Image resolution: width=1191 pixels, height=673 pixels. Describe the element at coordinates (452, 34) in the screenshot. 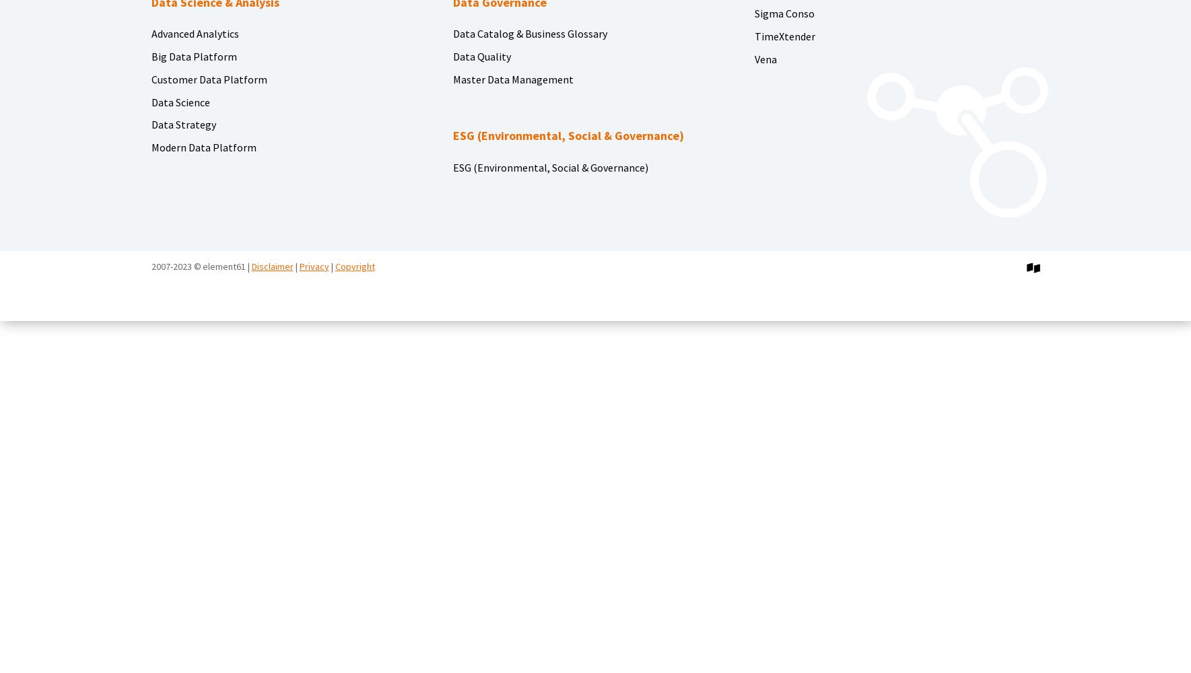

I see `'Data Catalog & Business Glossary'` at that location.